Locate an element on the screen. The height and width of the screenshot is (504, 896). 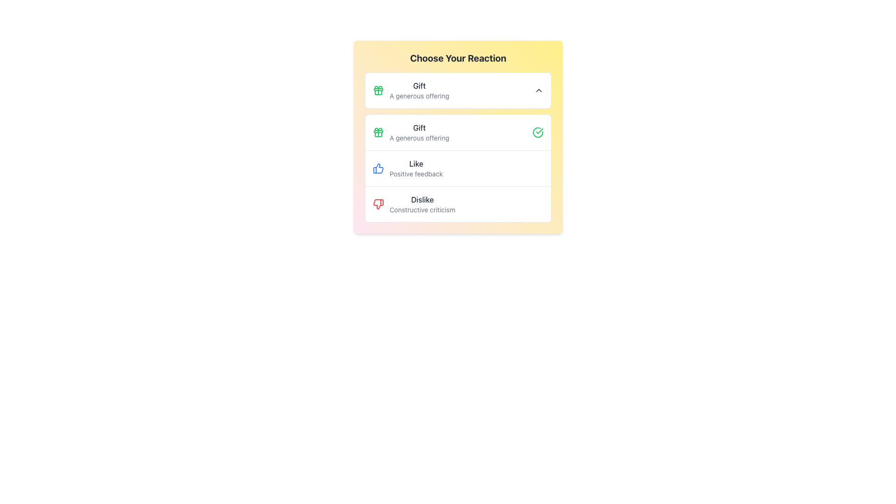
the bright blue thumbs-up icon representing positivity in the 'Like' option section of the reaction menu is located at coordinates (378, 168).